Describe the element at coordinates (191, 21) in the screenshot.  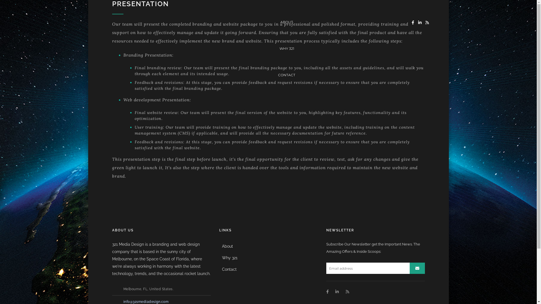
I see `'ABOUT'` at that location.